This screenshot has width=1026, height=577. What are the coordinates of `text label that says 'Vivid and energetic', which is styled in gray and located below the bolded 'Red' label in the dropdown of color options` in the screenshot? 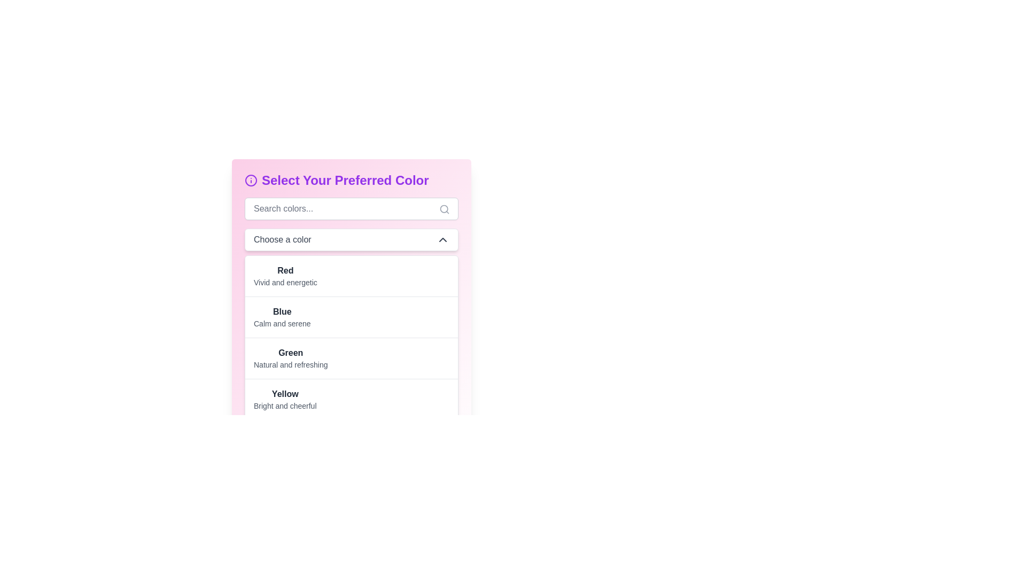 It's located at (285, 282).